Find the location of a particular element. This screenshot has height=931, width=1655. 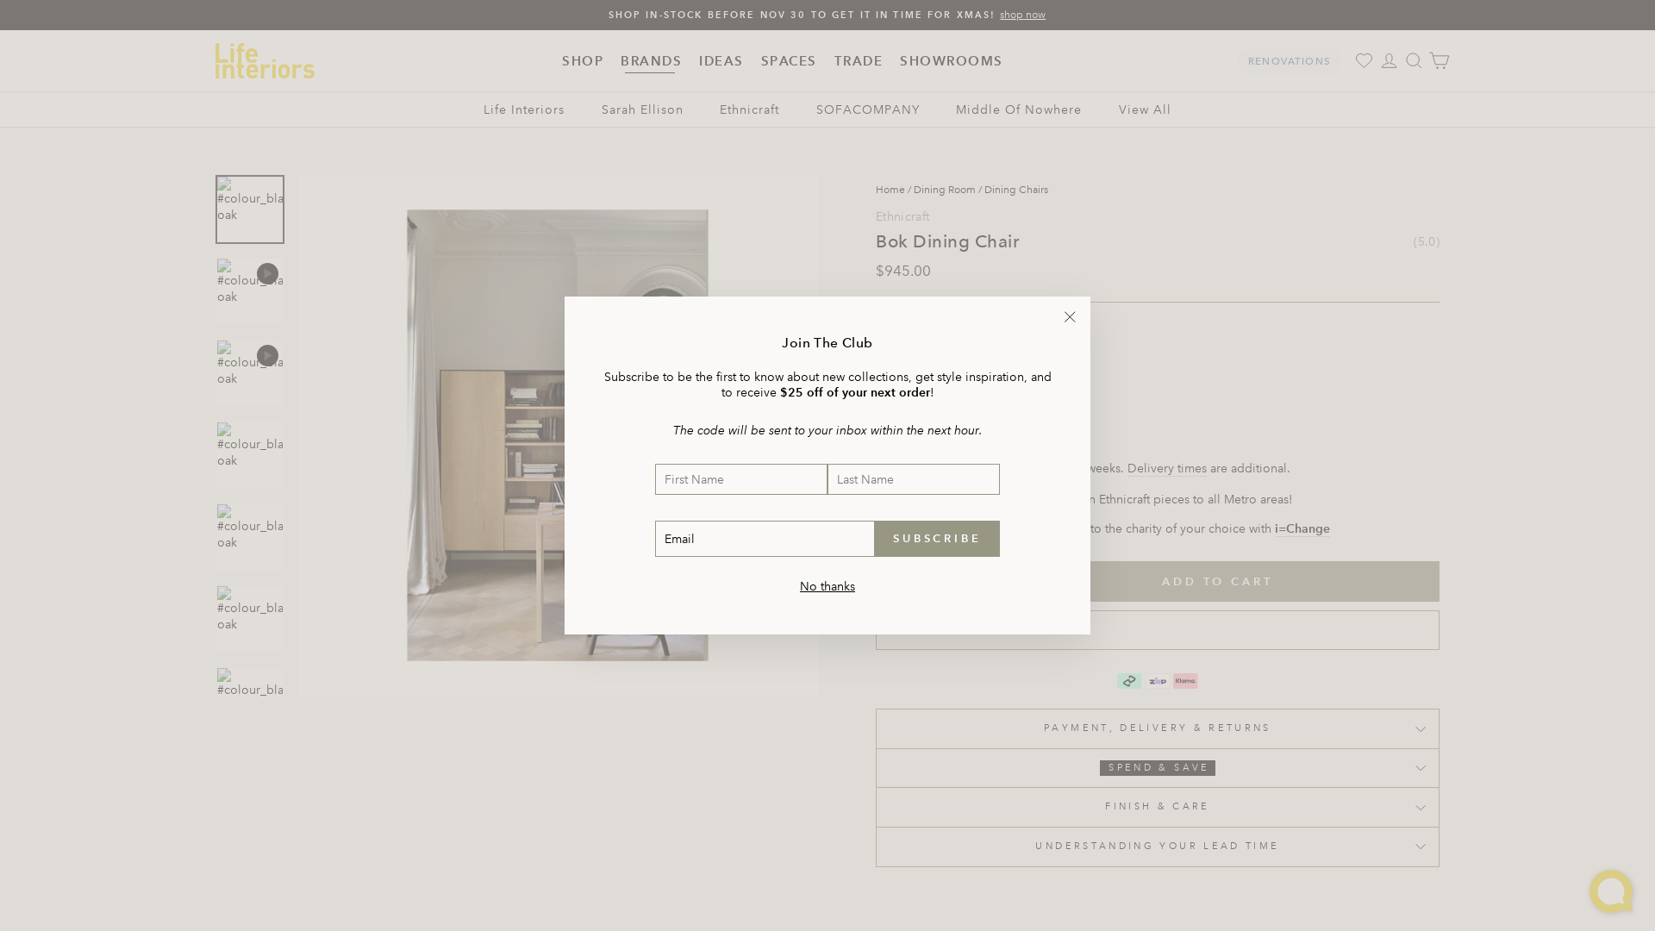

'SOFACOMPANY' is located at coordinates (815, 109).